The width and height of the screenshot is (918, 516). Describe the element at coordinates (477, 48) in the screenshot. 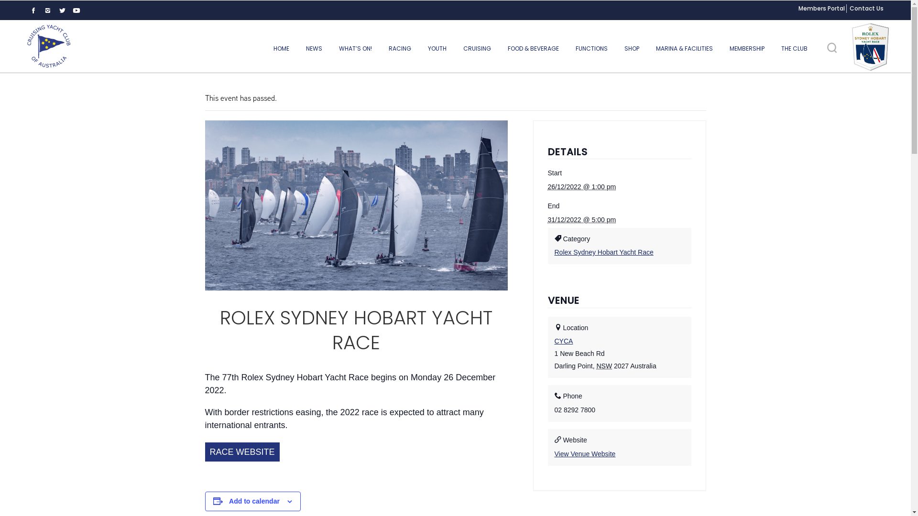

I see `'CRUISING'` at that location.